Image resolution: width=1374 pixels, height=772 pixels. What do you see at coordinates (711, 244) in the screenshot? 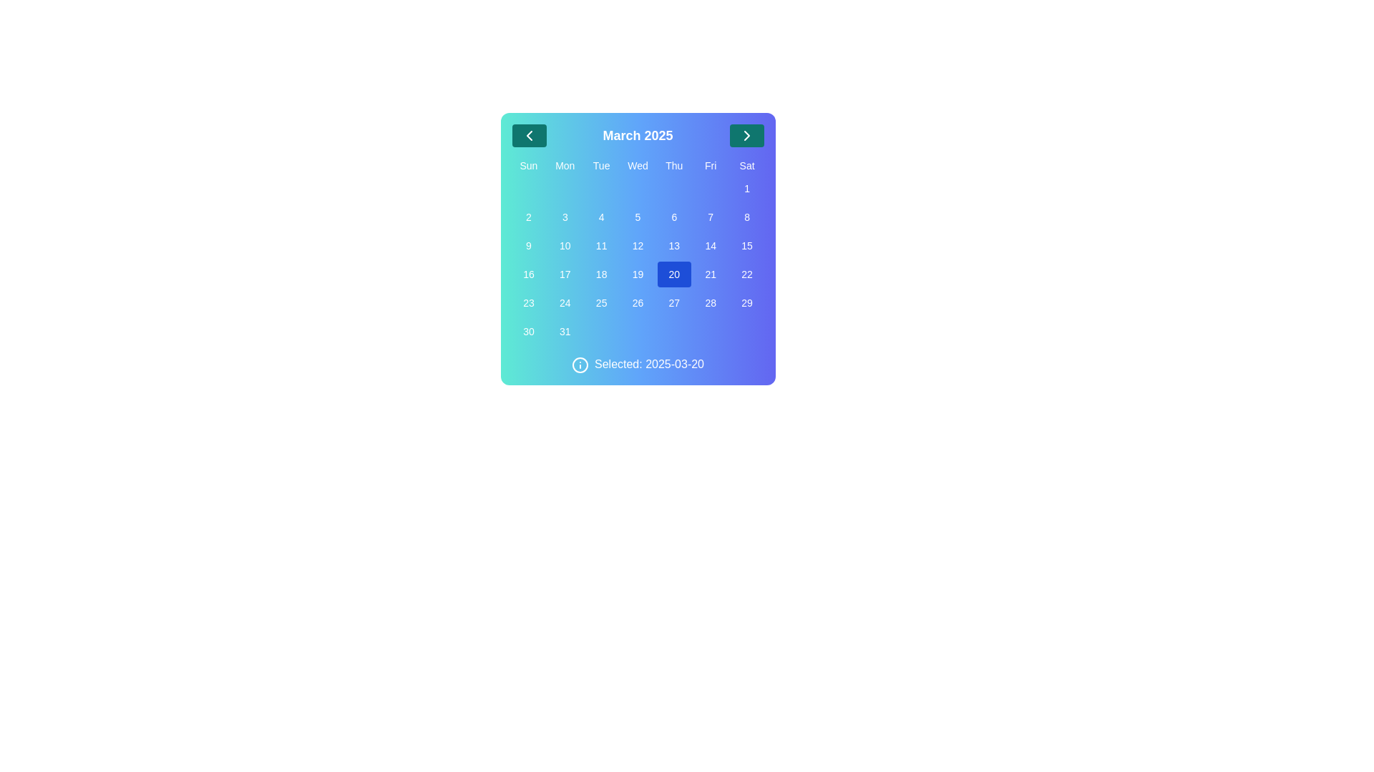
I see `the calendar day selection button located in the 7th column of the 3rd row of the grid layout` at bounding box center [711, 244].